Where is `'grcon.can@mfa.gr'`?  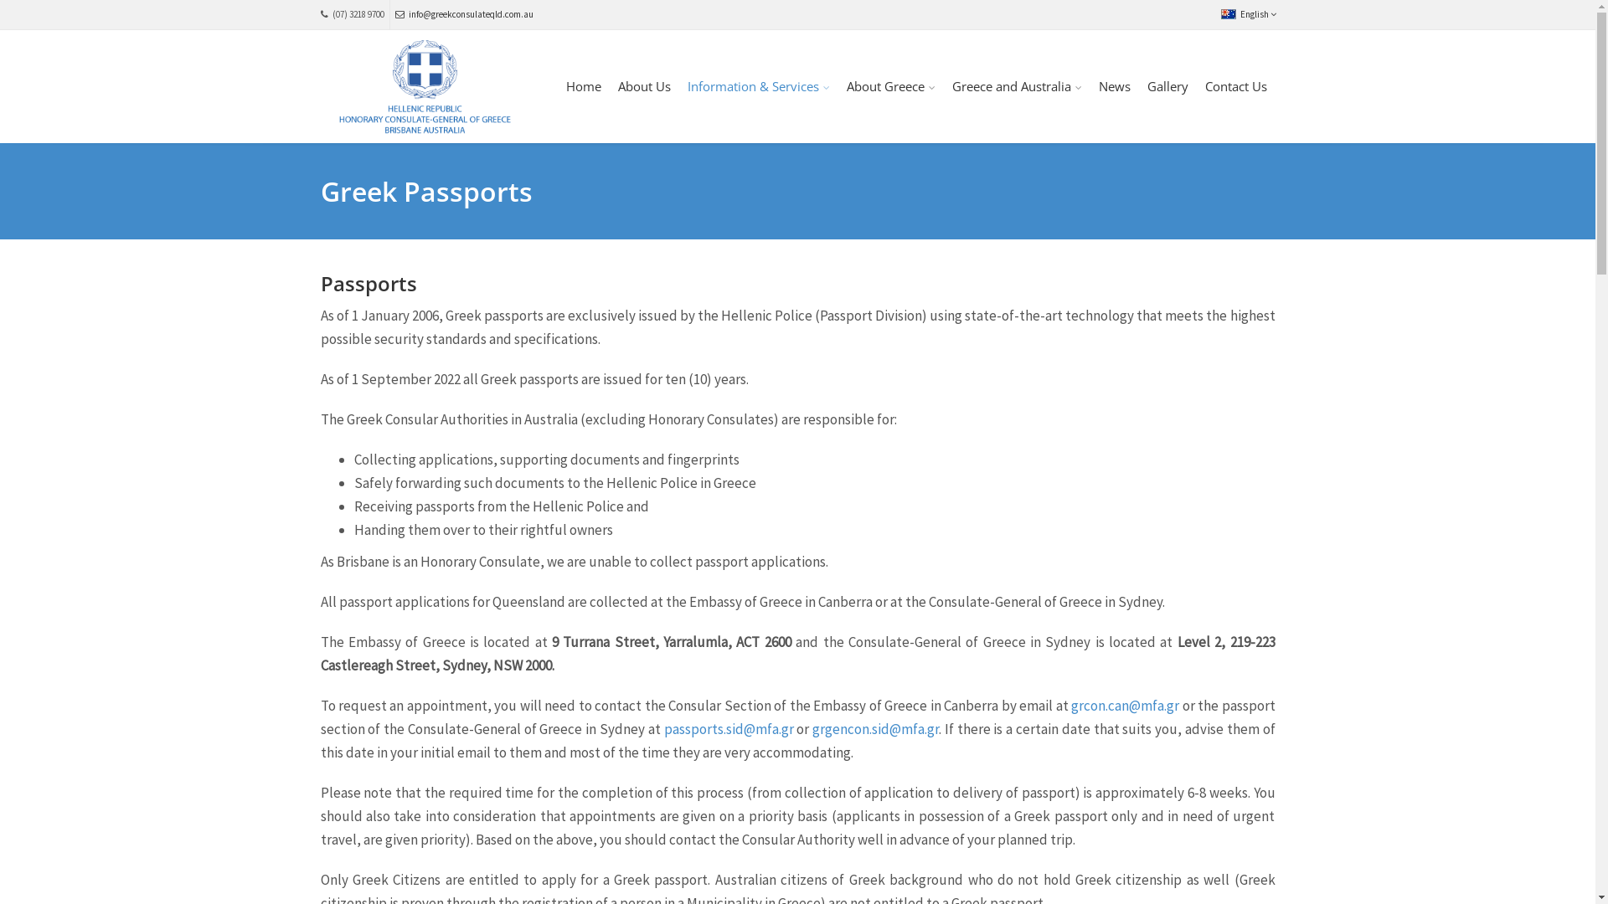
'grcon.can@mfa.gr' is located at coordinates (1069, 706).